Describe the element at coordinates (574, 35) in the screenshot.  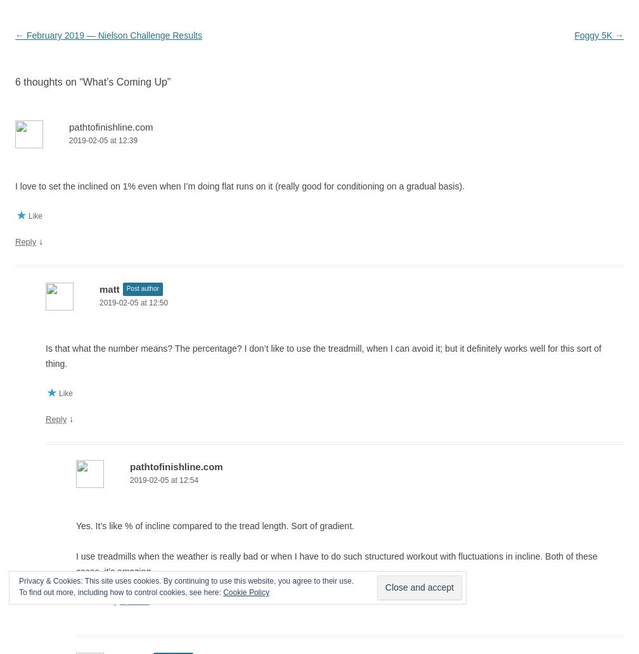
I see `'Foggy 5K'` at that location.